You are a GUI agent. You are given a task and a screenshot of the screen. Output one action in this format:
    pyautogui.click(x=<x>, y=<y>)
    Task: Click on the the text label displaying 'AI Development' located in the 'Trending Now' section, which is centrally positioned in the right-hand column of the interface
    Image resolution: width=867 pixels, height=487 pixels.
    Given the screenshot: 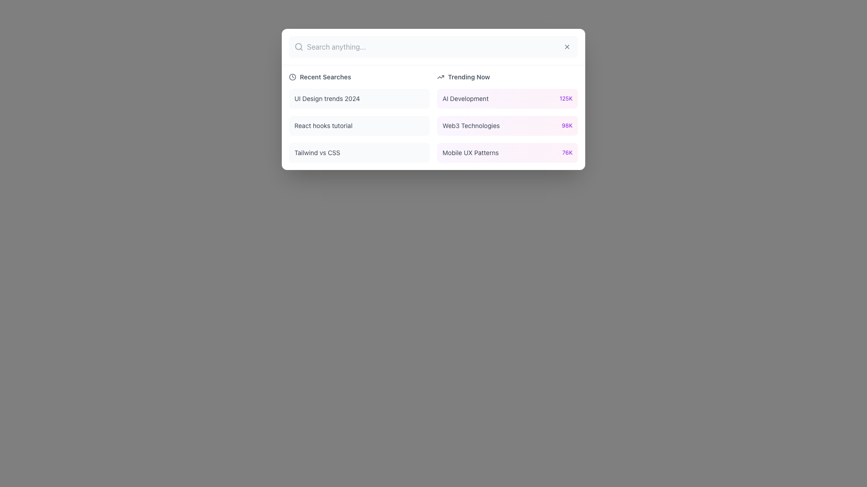 What is the action you would take?
    pyautogui.click(x=466, y=99)
    